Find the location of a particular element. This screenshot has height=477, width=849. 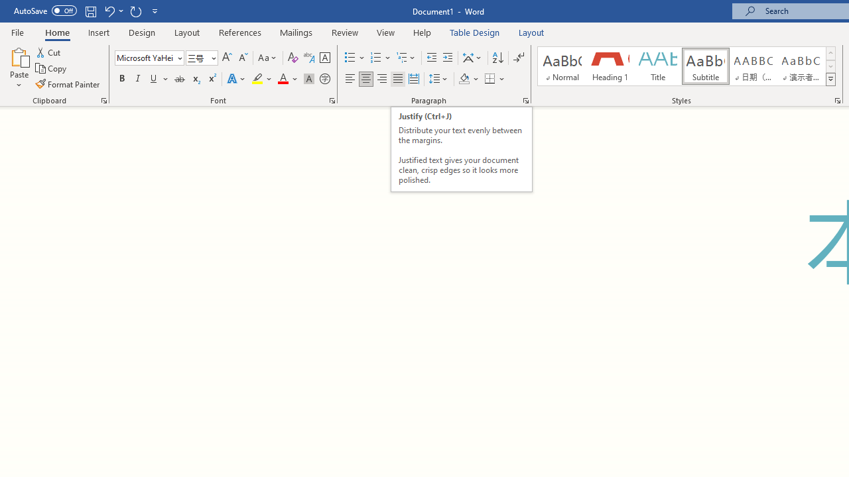

'Enclose Characters...' is located at coordinates (324, 79).